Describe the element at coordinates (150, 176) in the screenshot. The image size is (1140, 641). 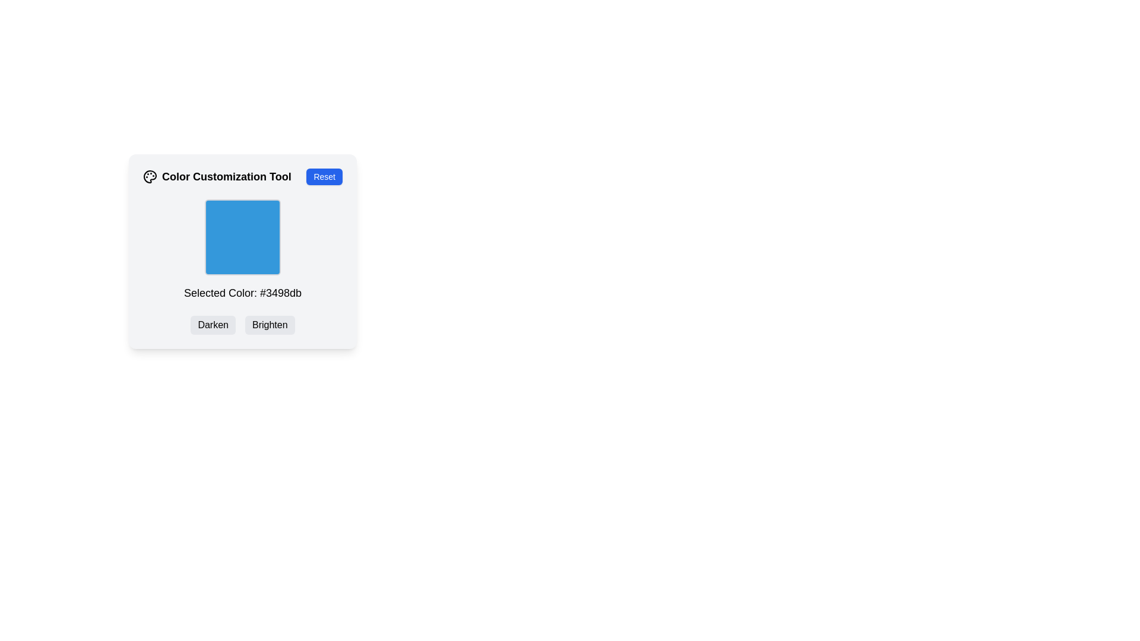
I see `the color customization tool icon located in the header, positioned to the left of the 'Color Customization Tool' title` at that location.